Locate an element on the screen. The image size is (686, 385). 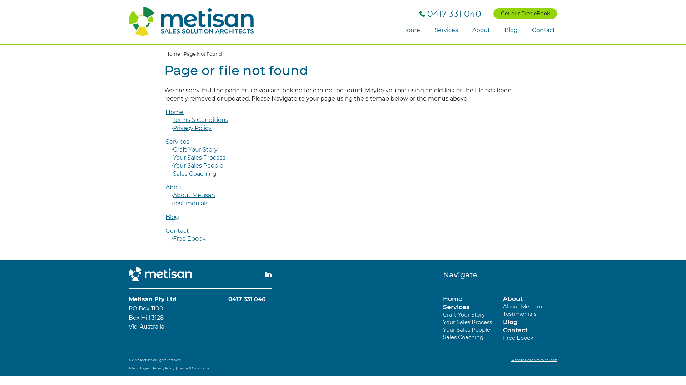
'Services' is located at coordinates (456, 306).